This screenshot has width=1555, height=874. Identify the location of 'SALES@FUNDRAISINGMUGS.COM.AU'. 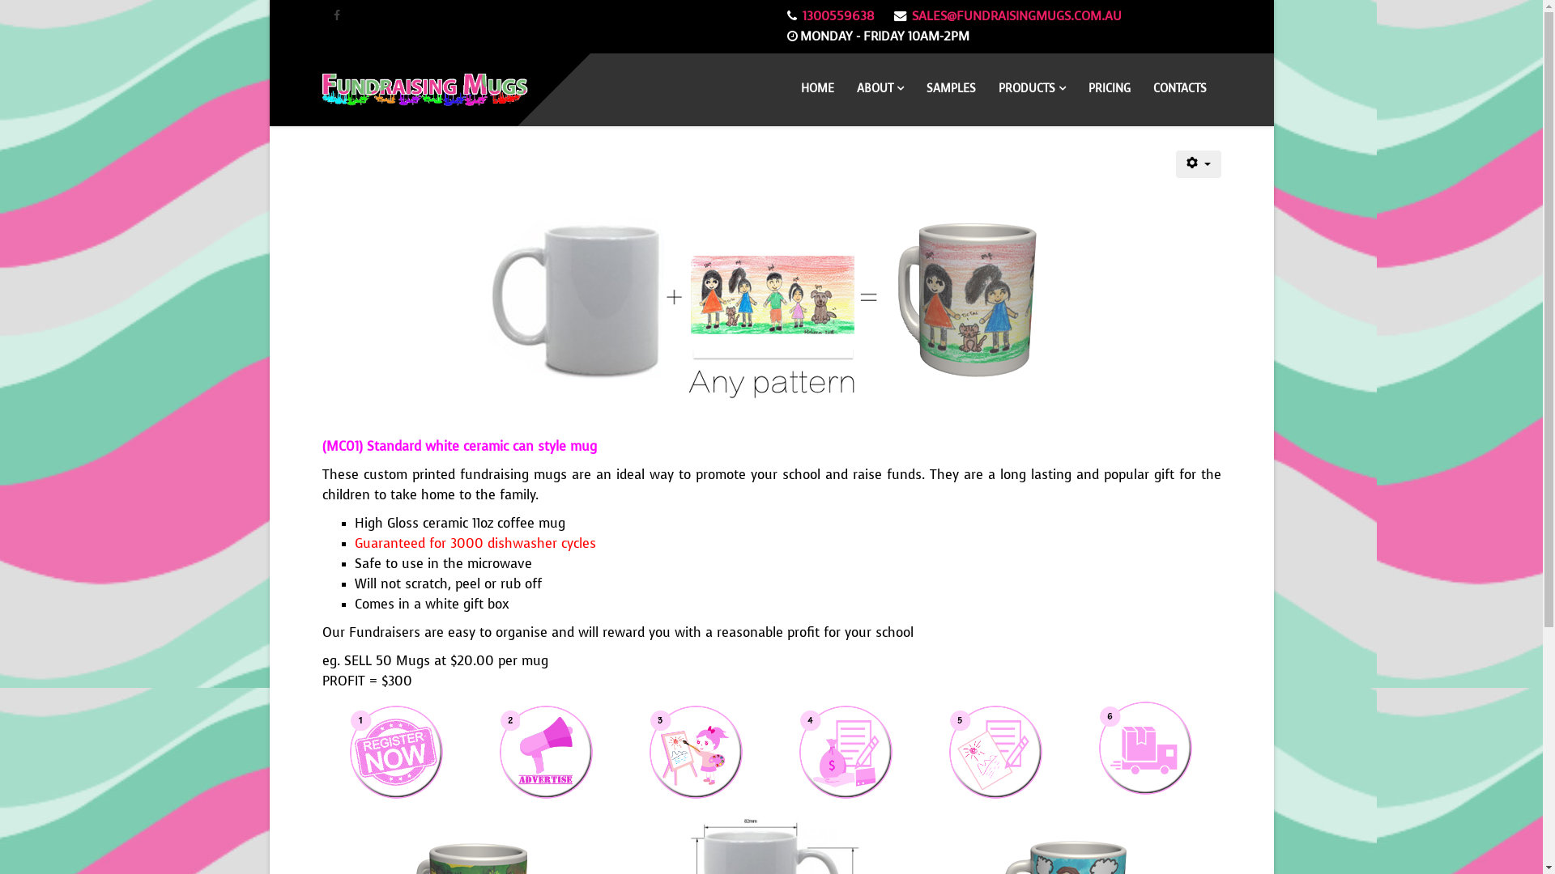
(1016, 15).